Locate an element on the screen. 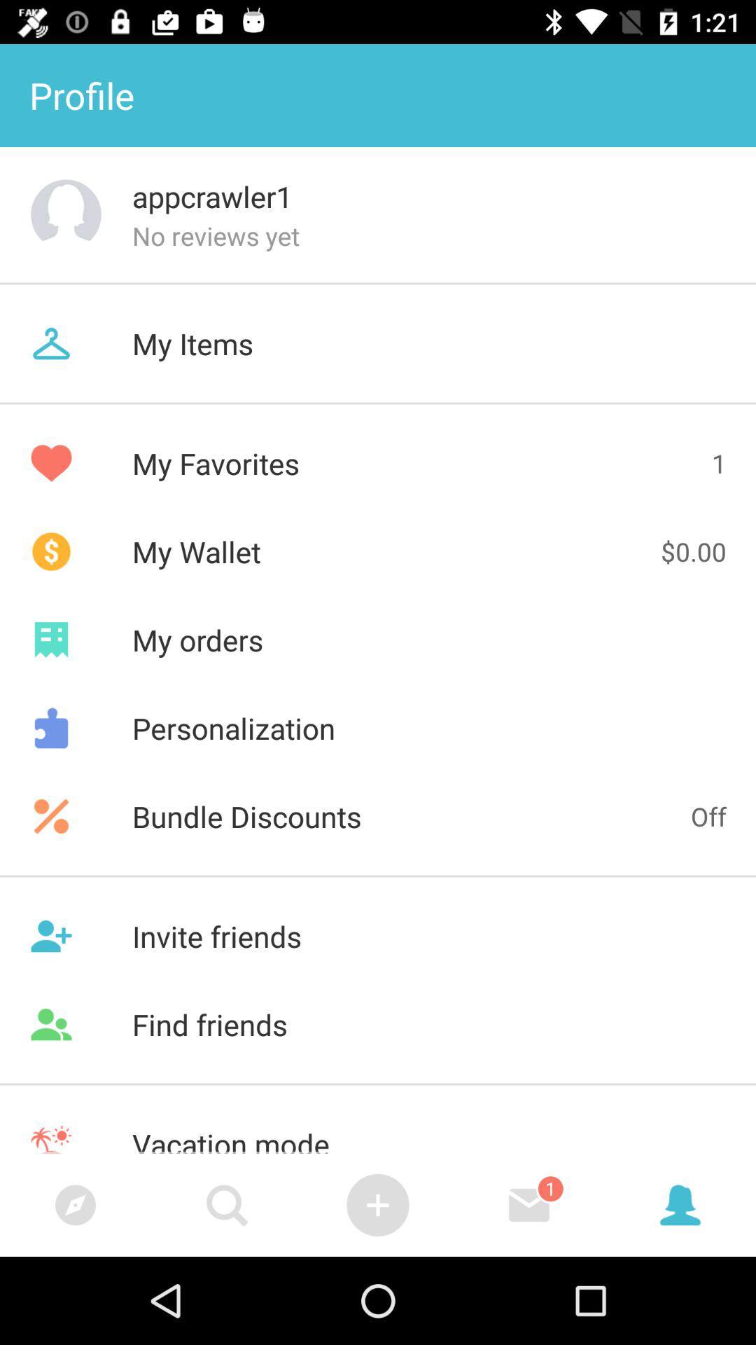  item above bundle discounts icon is located at coordinates (378, 728).